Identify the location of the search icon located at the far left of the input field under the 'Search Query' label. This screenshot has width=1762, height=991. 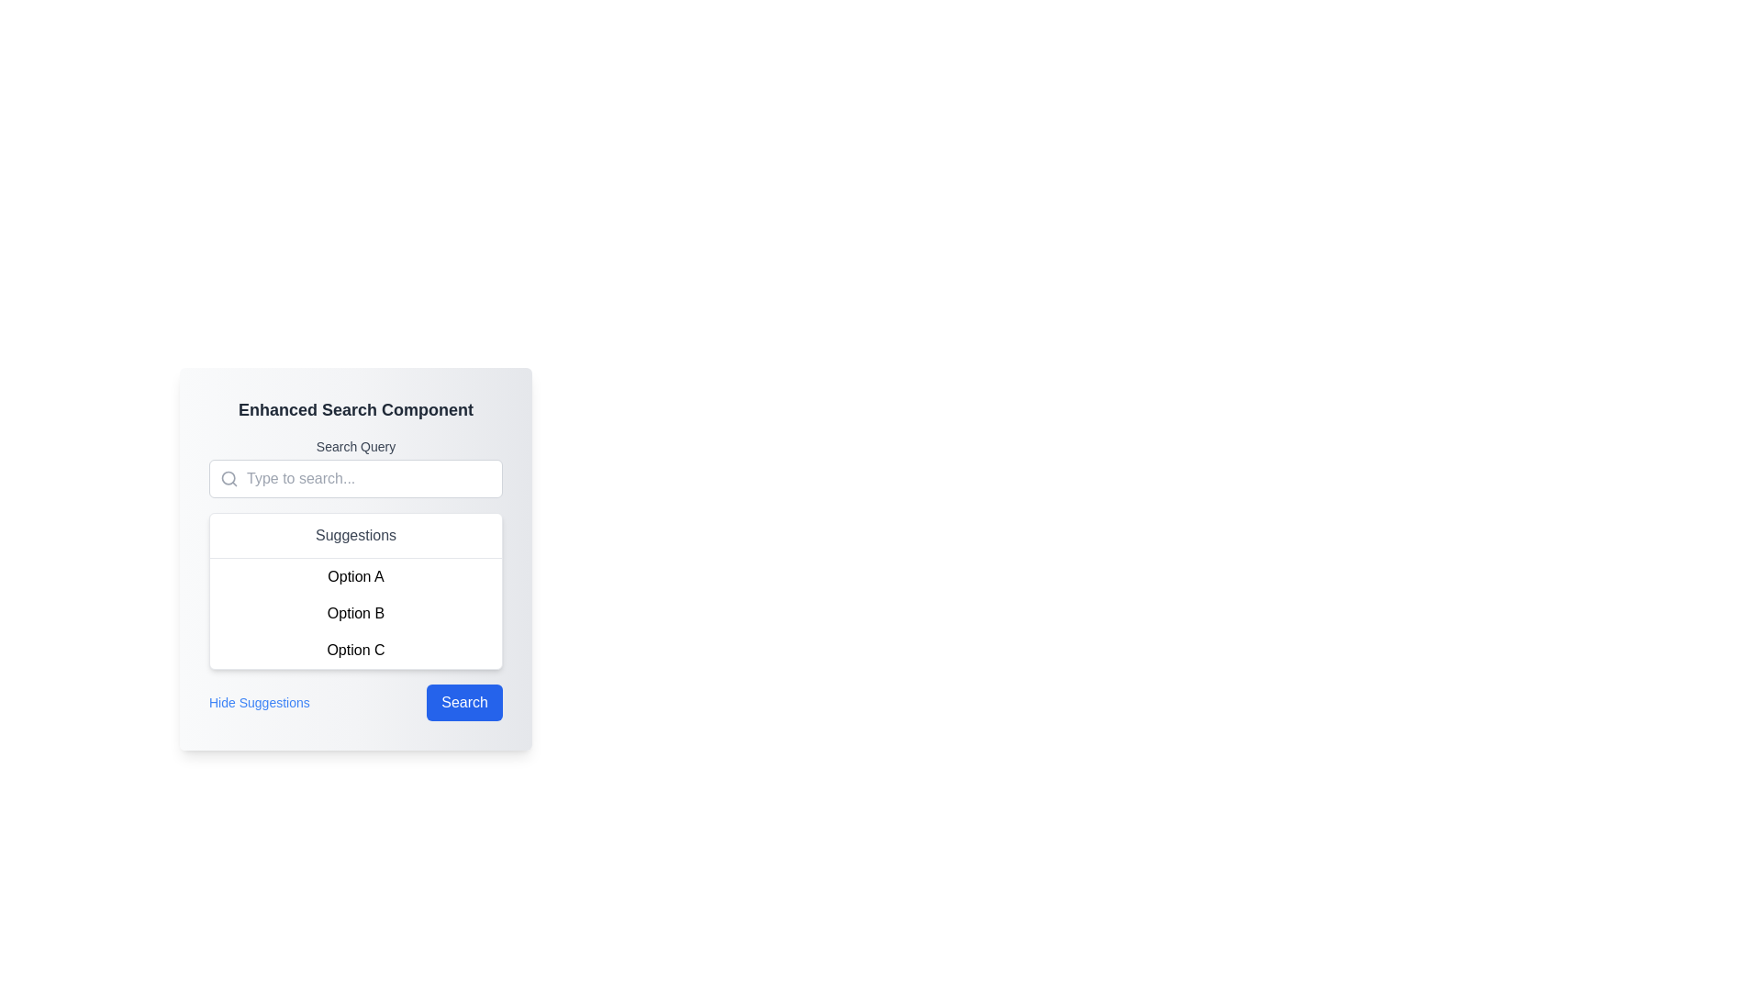
(228, 477).